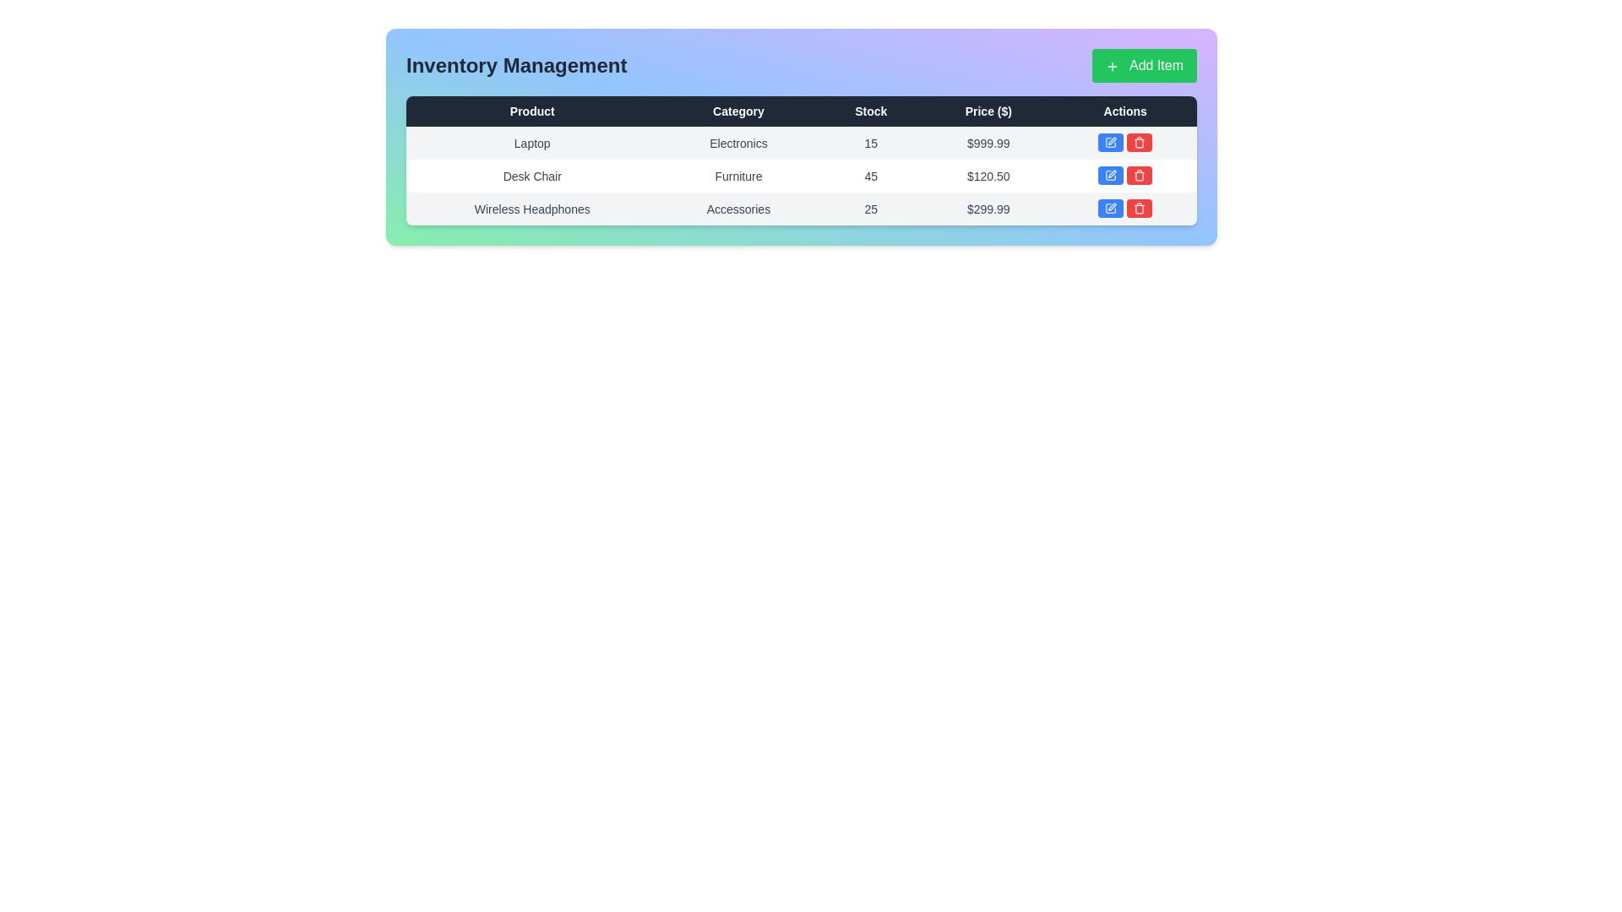 The width and height of the screenshot is (1622, 912). I want to click on the delete button with a red background and white text located in the rightmost column under the 'Actions' header in the second row of the data table to initiate the delete operation, so click(1140, 142).